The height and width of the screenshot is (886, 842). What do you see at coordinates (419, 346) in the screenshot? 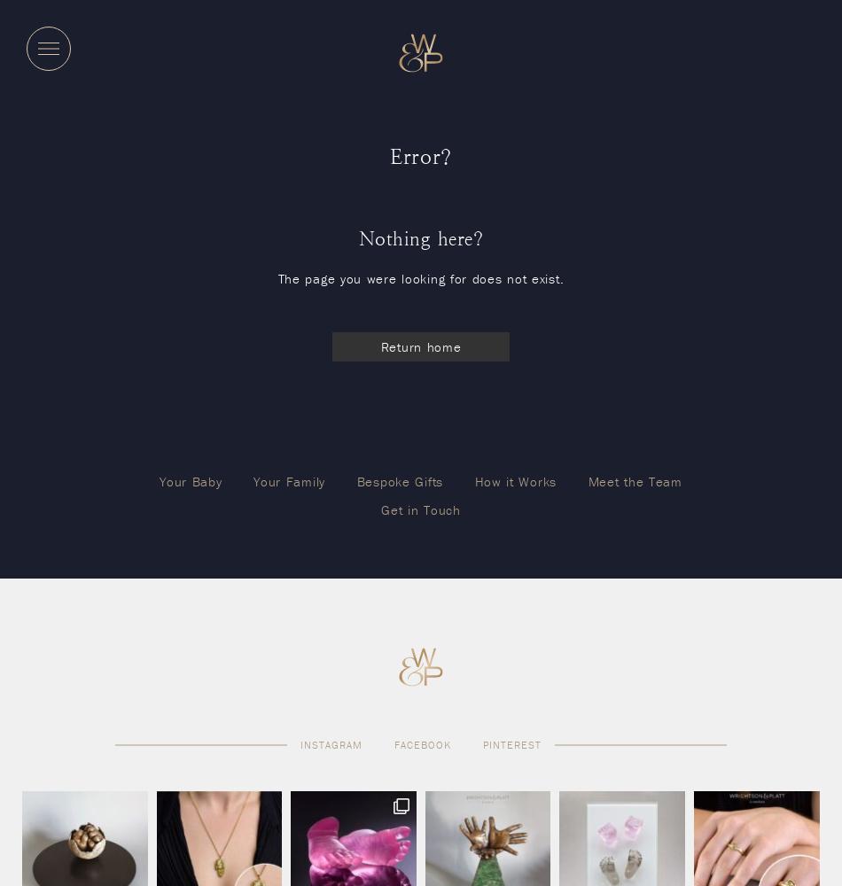
I see `'Return home'` at bounding box center [419, 346].